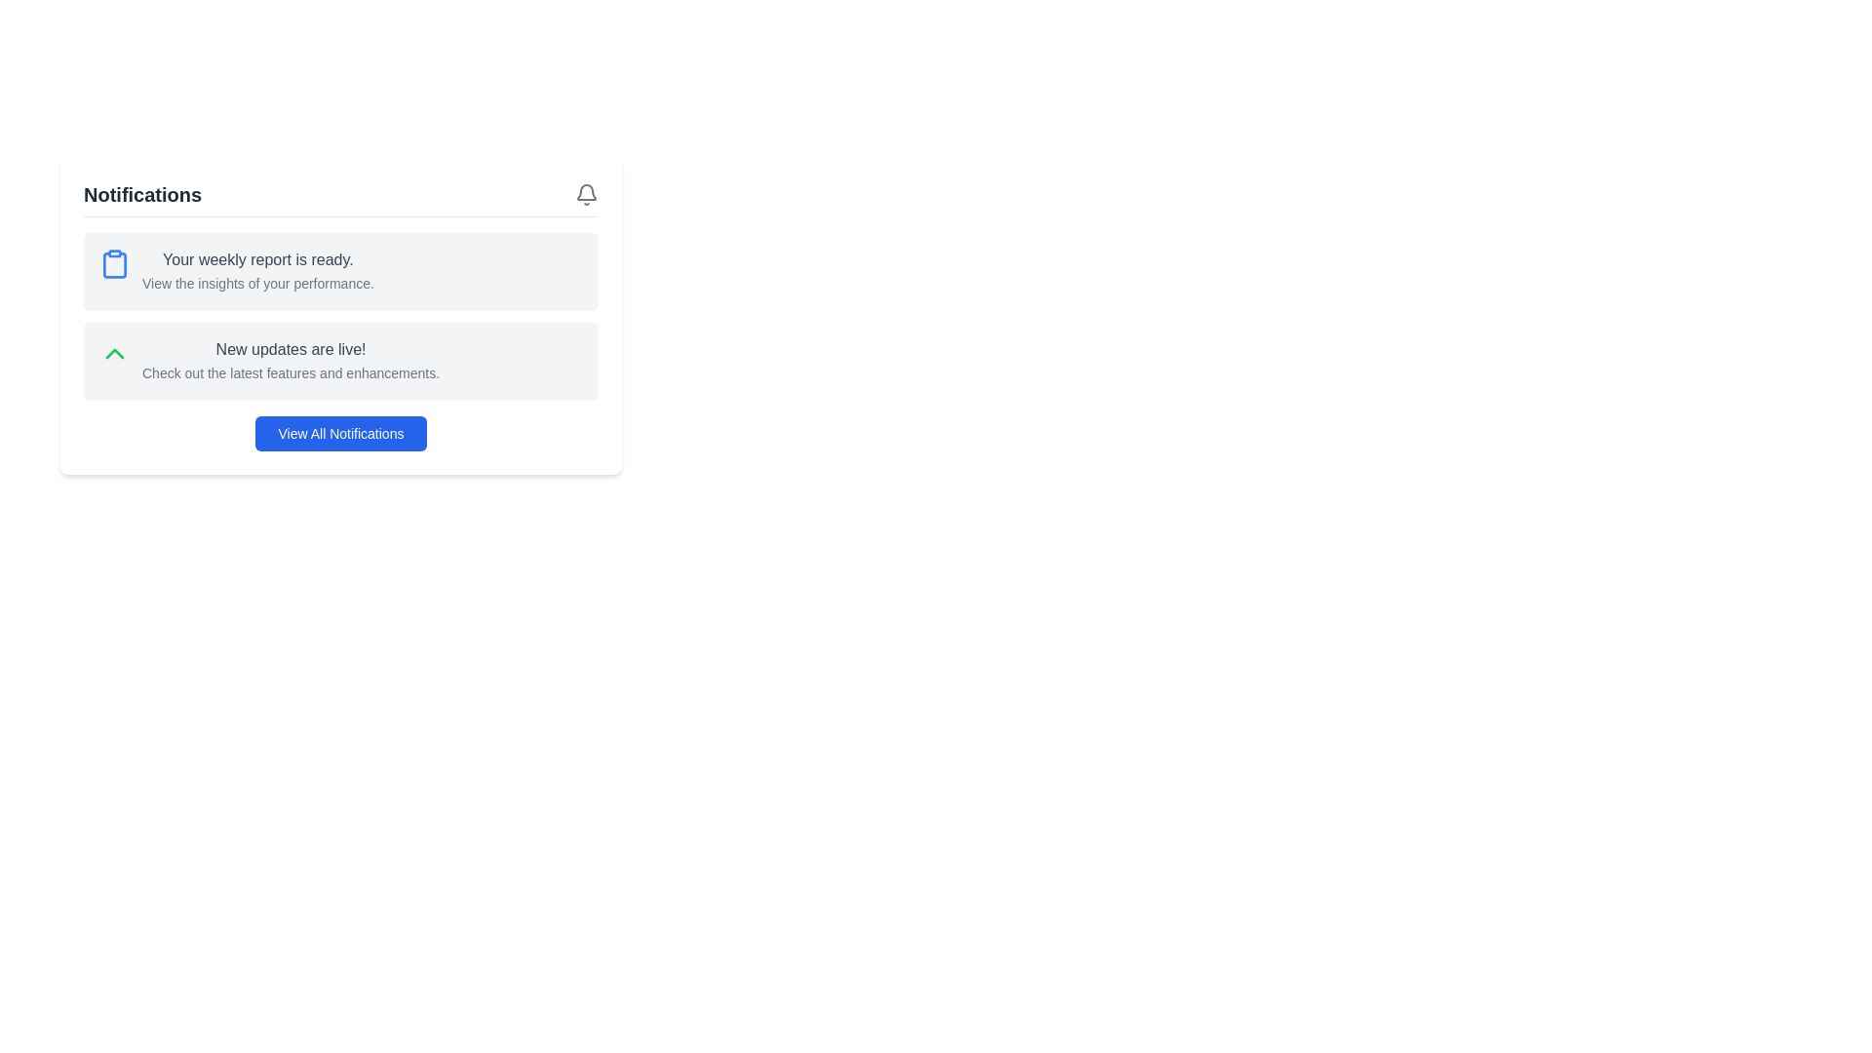  What do you see at coordinates (290, 348) in the screenshot?
I see `title text block that summarizes the content of the surrounding notification card, positioned at the top of the card, horizontally centered` at bounding box center [290, 348].